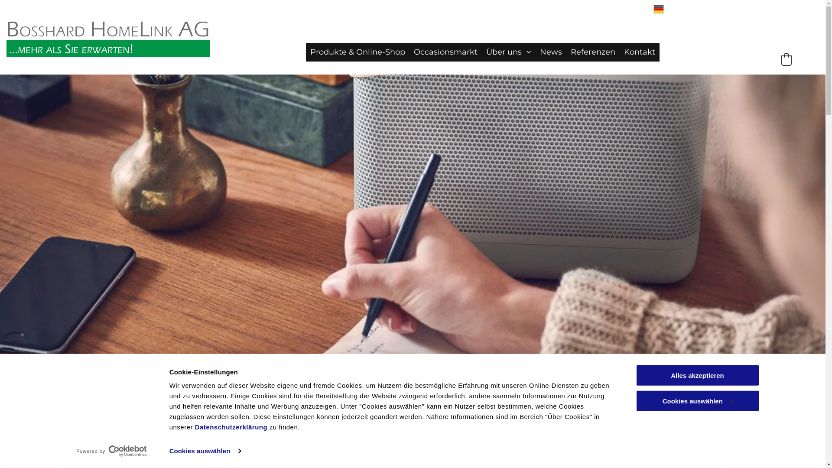 The height and width of the screenshot is (468, 832). Describe the element at coordinates (445, 52) in the screenshot. I see `'Occasionsmarkt'` at that location.